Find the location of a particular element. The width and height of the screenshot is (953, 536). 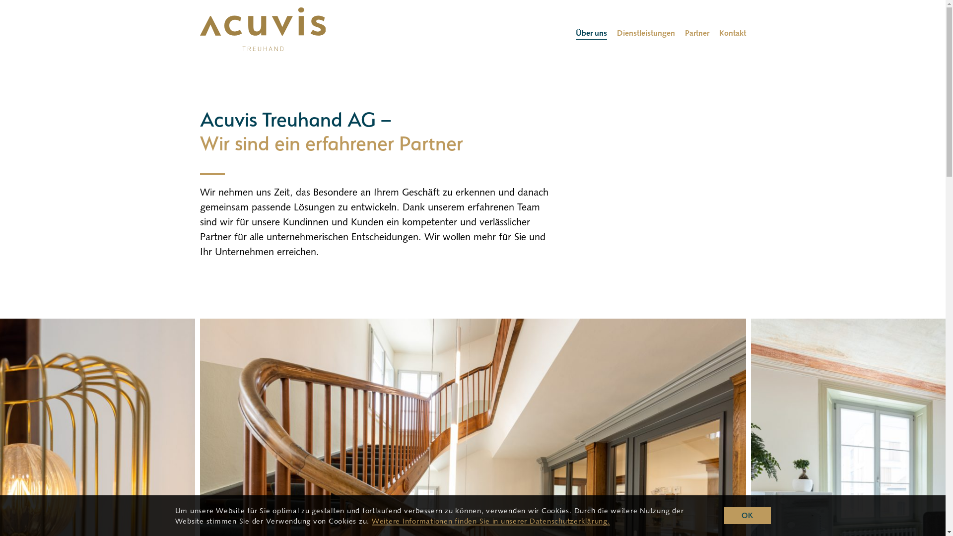

'Partner' is located at coordinates (696, 32).